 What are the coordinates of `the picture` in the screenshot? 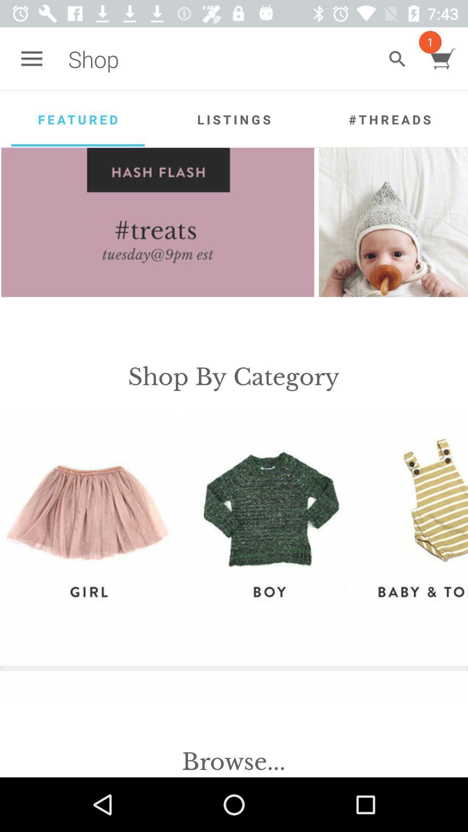 It's located at (393, 222).